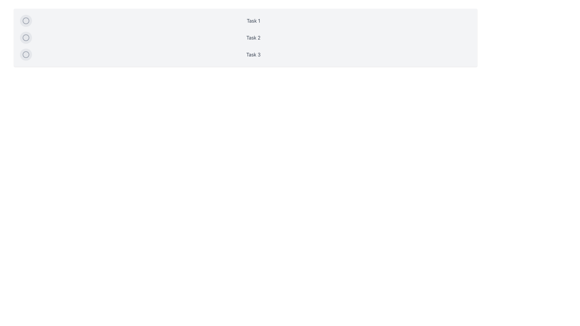  I want to click on the first List Item labeled 'Task 1', so click(245, 21).